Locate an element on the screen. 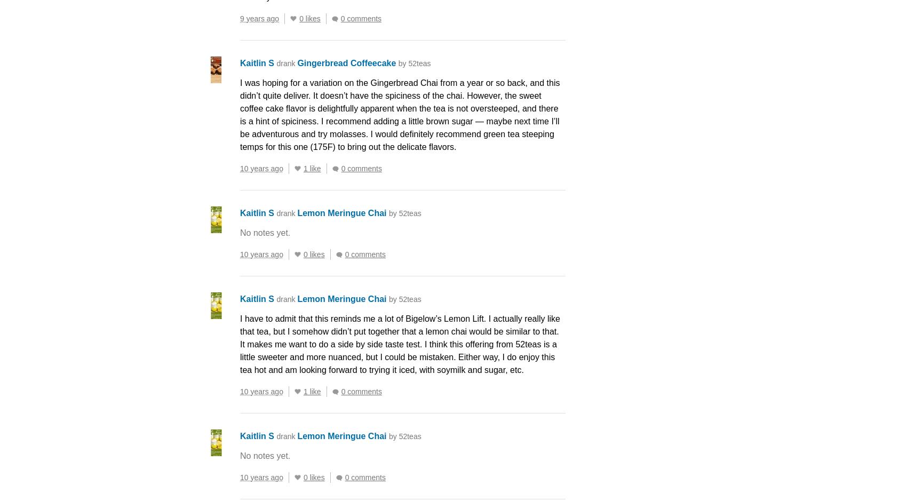  'Gingerbread Coffeecake' is located at coordinates (347, 62).